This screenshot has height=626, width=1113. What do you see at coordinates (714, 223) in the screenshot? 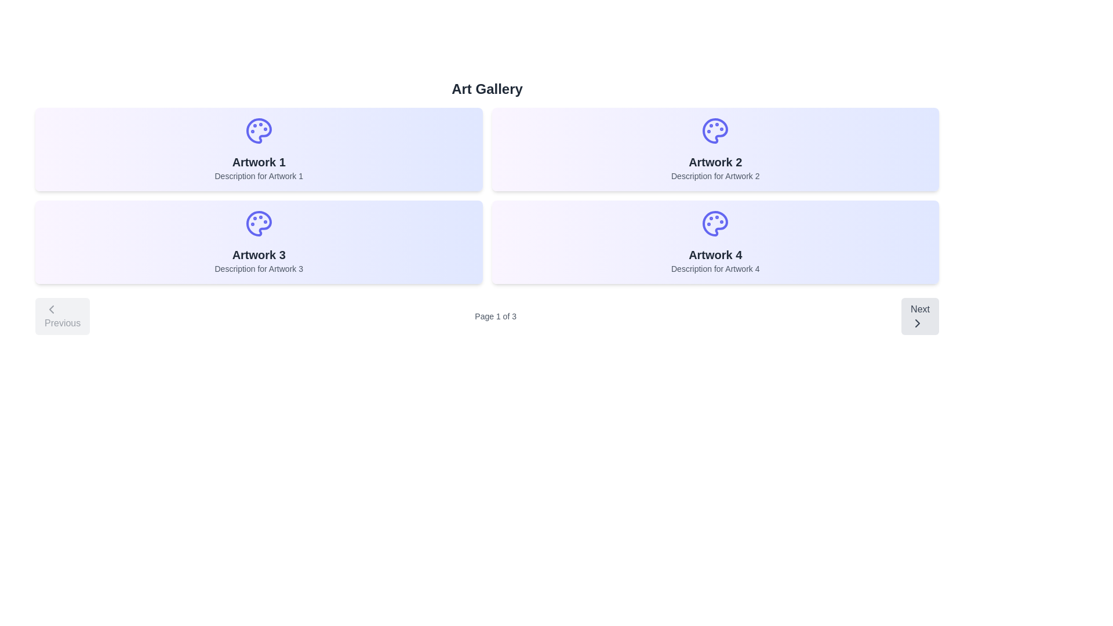
I see `the palette icon located in the bottom-right card of the 2x2 grid layout, which is above the text 'Artwork 4' and 'Description for Artwork 4', for interaction` at bounding box center [714, 223].